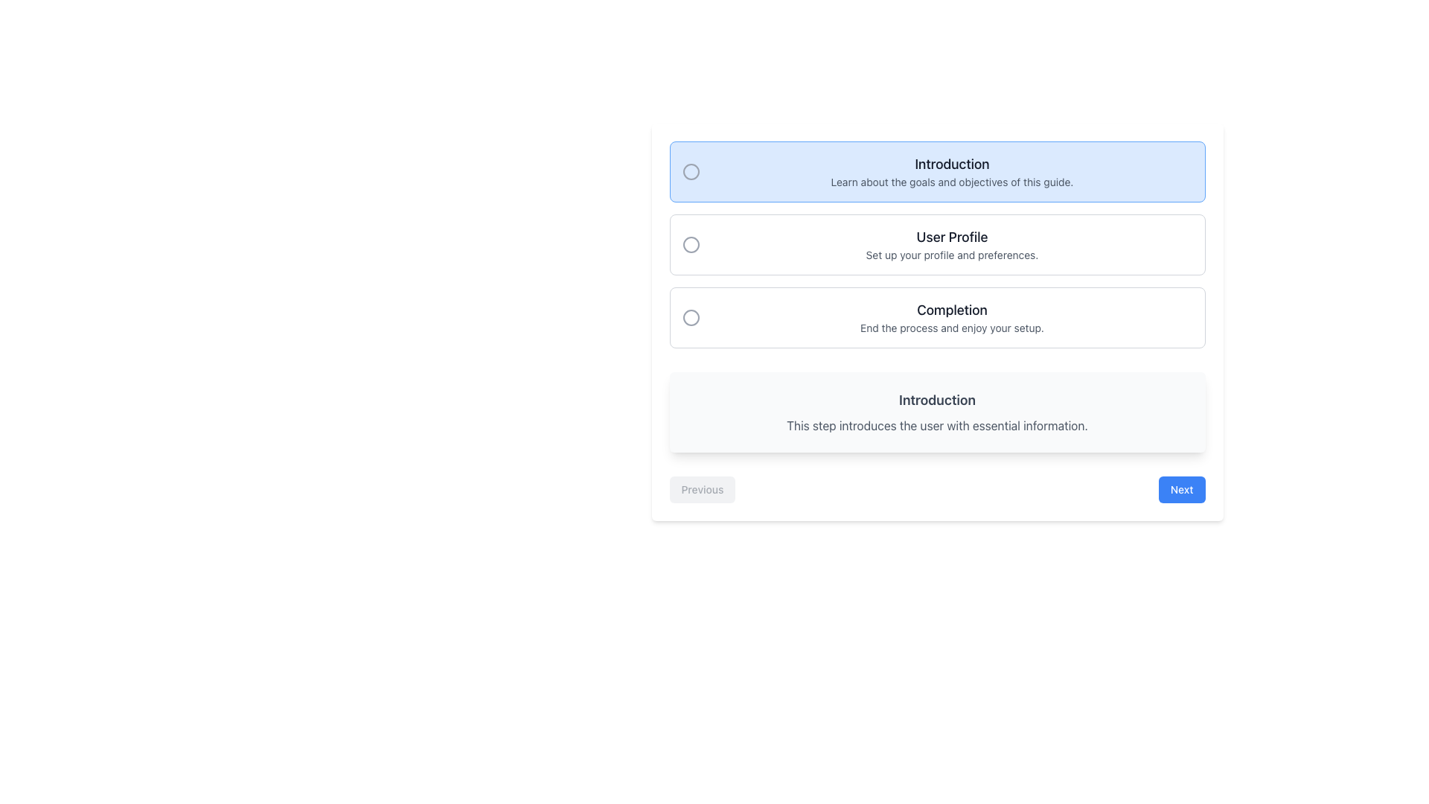 This screenshot has height=804, width=1429. Describe the element at coordinates (690, 317) in the screenshot. I see `the appearance of the circular Radio Button Visual Marker, which is part of the third option in the vertical list labeled 'Completion.'` at that location.